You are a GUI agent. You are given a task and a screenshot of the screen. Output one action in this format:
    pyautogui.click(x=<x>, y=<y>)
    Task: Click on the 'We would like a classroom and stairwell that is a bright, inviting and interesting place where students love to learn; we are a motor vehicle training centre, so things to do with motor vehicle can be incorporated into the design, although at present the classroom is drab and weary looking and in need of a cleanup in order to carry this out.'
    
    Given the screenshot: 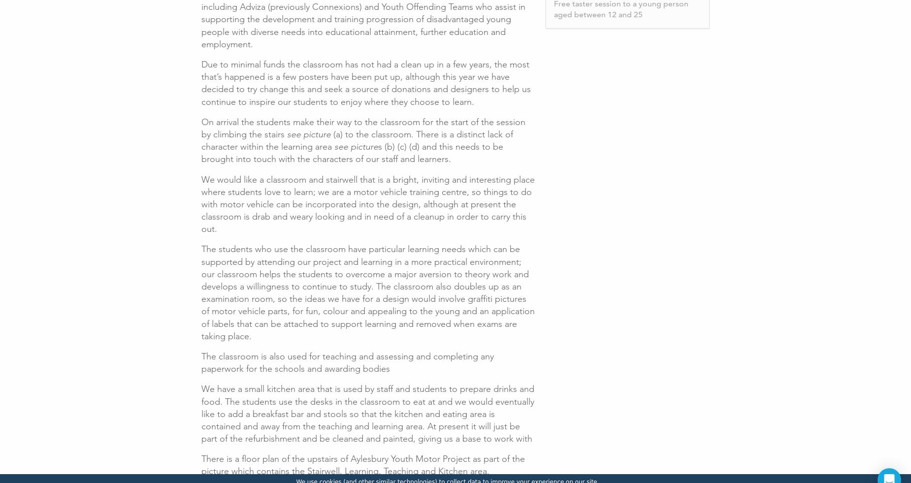 What is the action you would take?
    pyautogui.click(x=201, y=203)
    